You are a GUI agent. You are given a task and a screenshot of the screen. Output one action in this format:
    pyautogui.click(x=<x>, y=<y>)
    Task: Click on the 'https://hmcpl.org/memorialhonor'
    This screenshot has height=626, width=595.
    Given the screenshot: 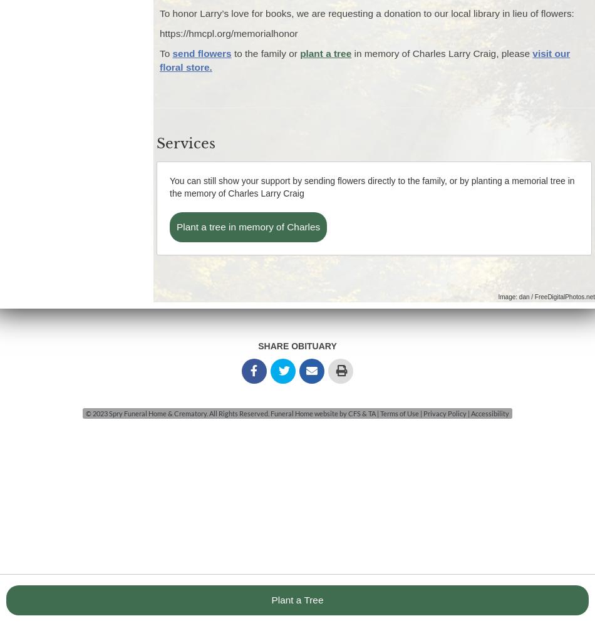 What is the action you would take?
    pyautogui.click(x=229, y=33)
    